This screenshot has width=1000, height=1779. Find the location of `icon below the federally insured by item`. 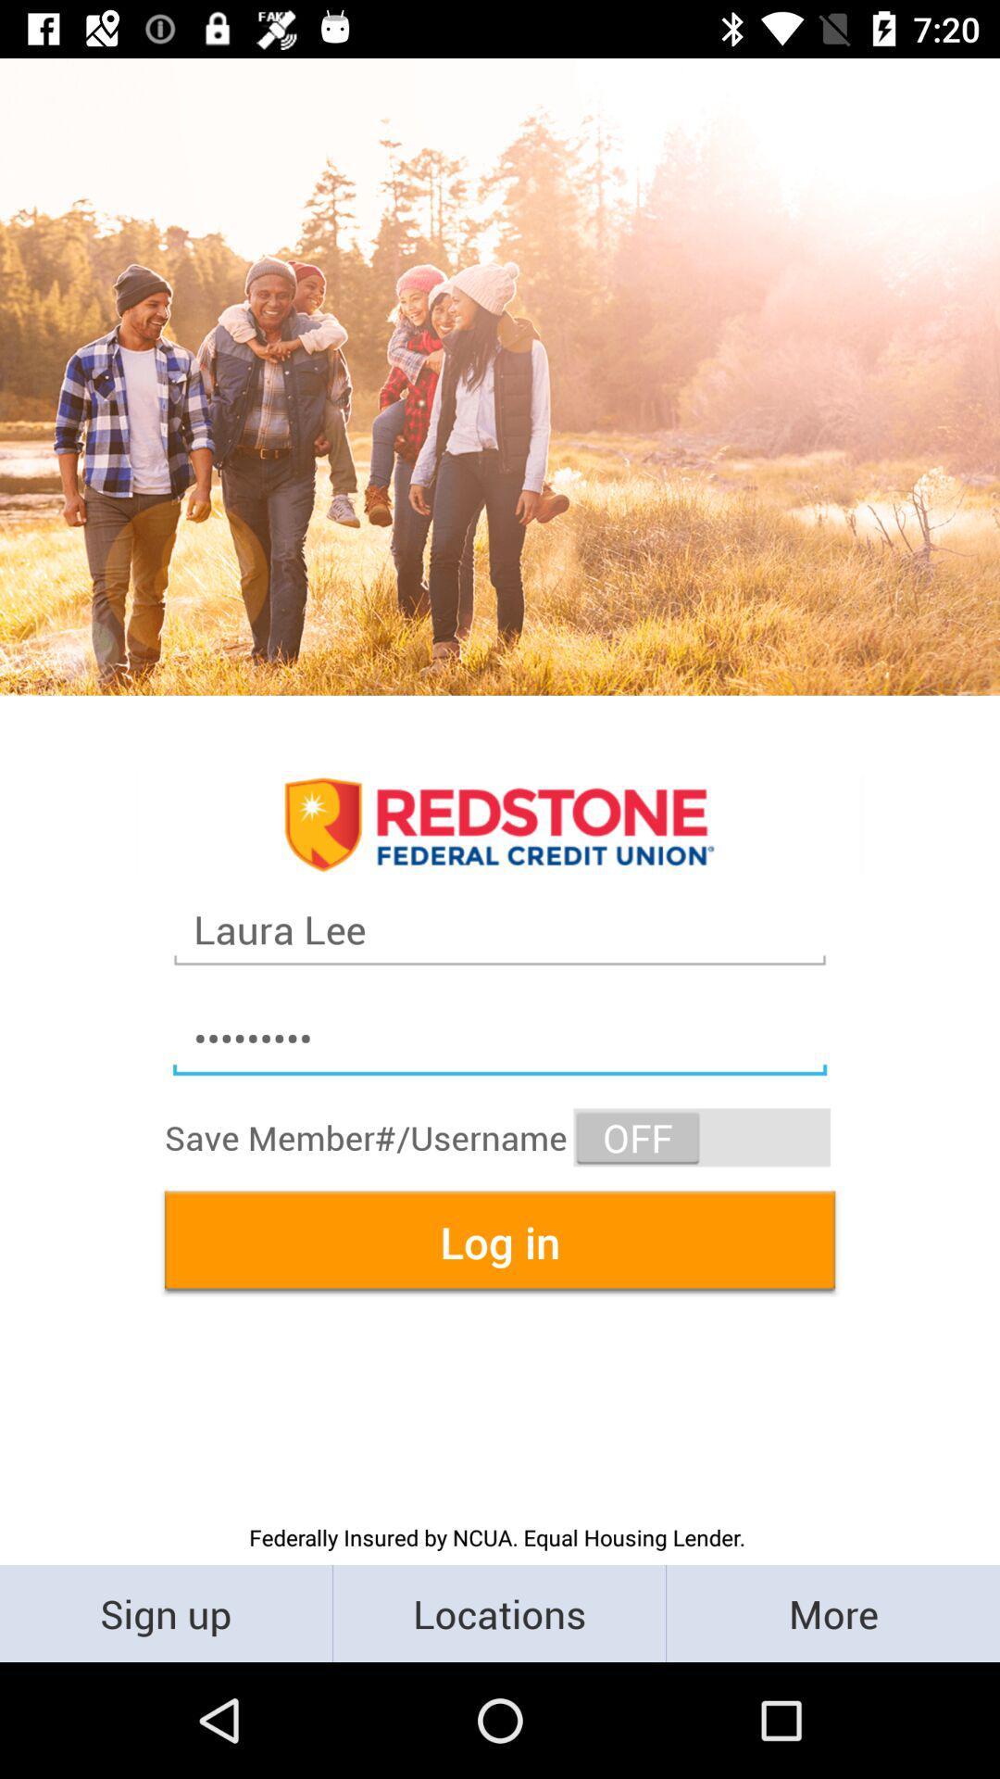

icon below the federally insured by item is located at coordinates (165, 1612).